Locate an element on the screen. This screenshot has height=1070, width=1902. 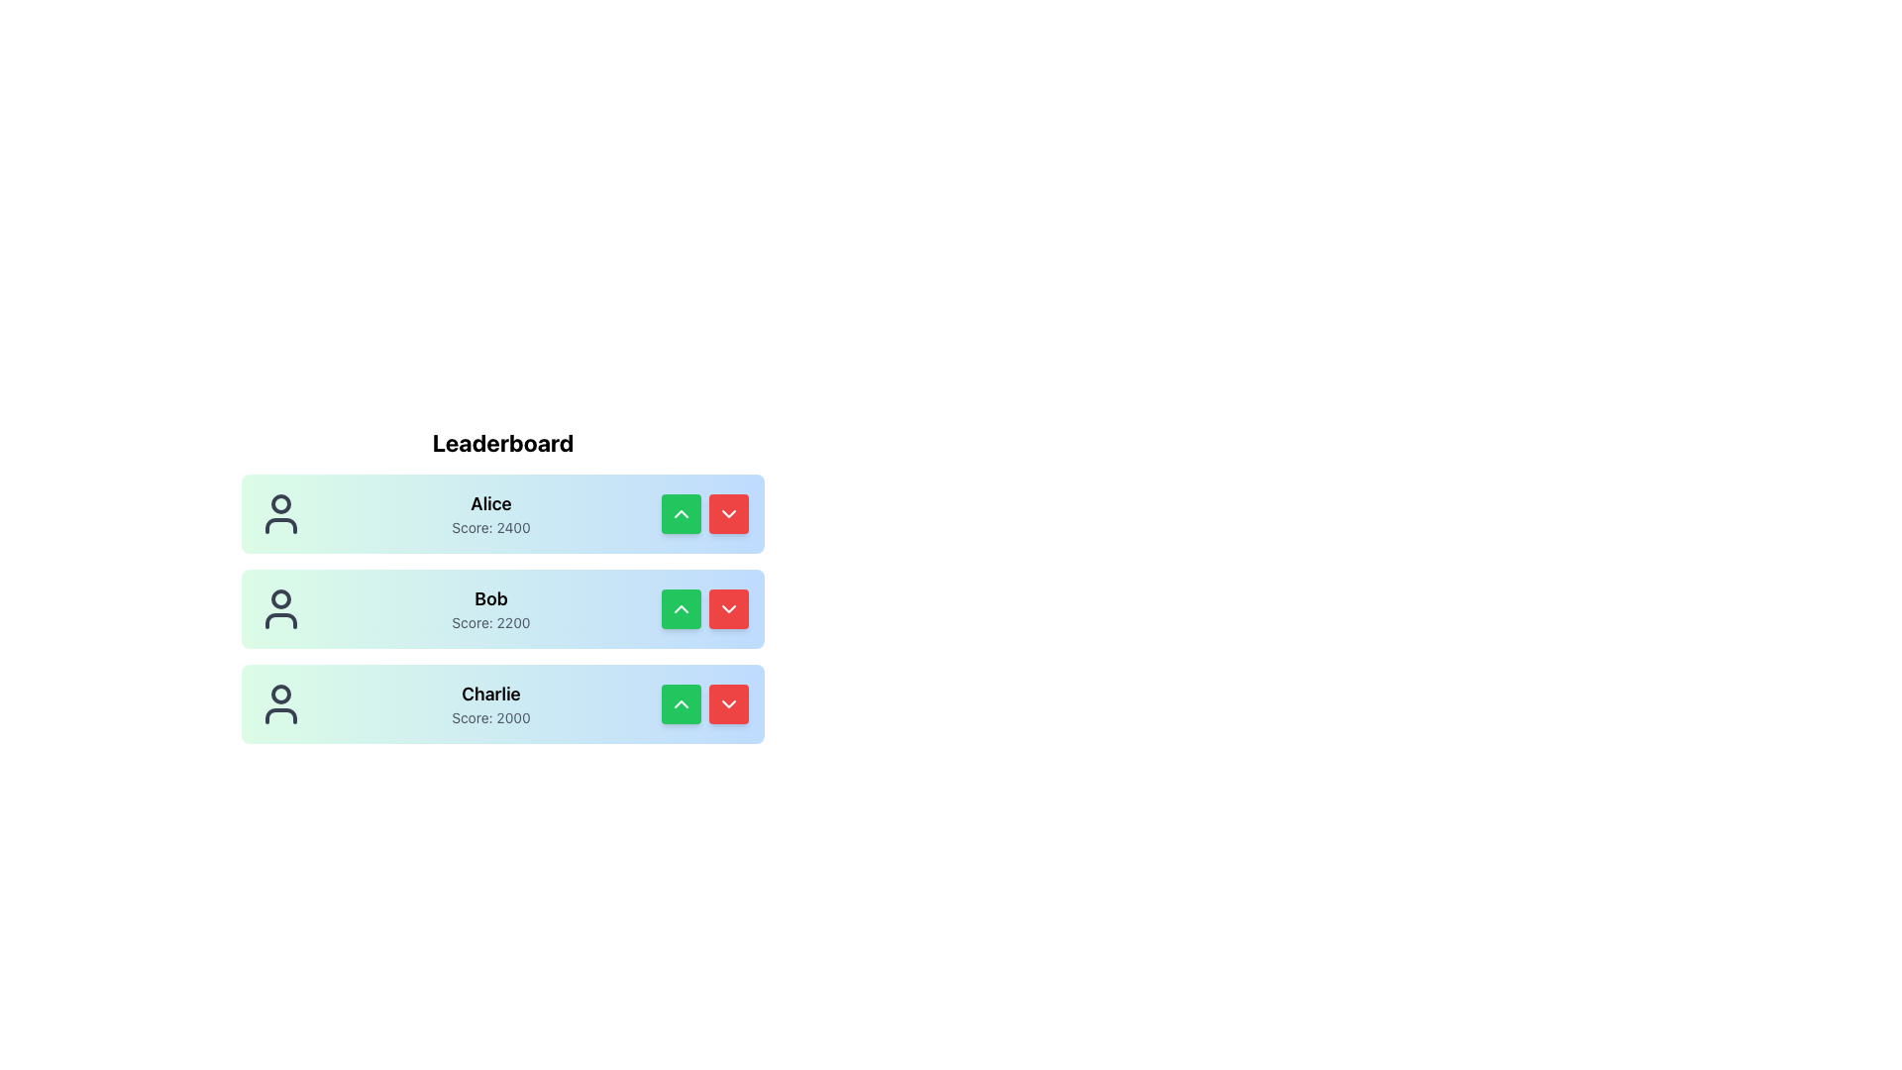
the downward-pointing chevron icon located inside the small red circular button on the right side of the third leaderboard entry for the user 'Charlie' is located at coordinates (727, 513).